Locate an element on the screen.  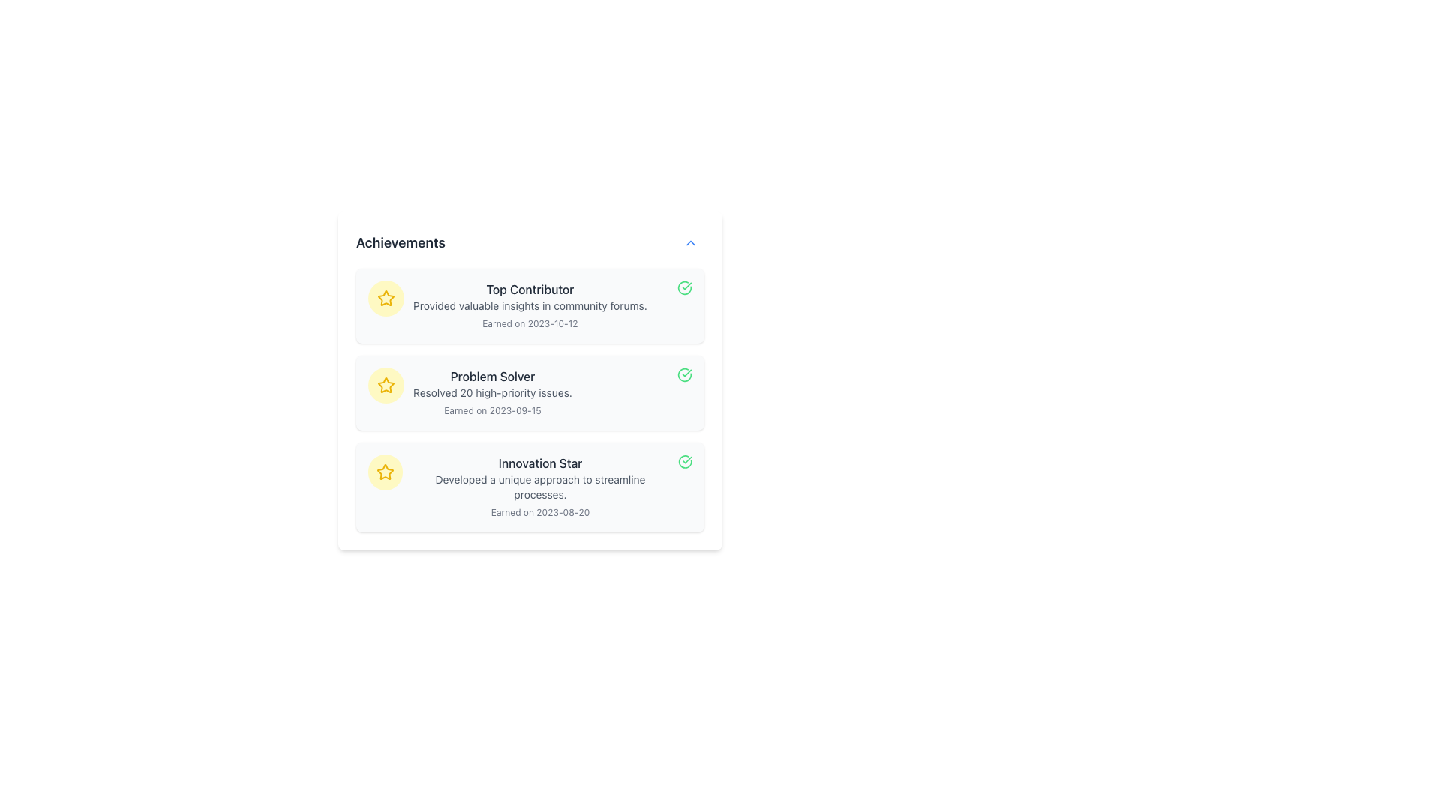
the second item in the 'Achievements' list, which is labeled 'Problem Solver', to perform actions on adjacent elements is located at coordinates (529, 399).